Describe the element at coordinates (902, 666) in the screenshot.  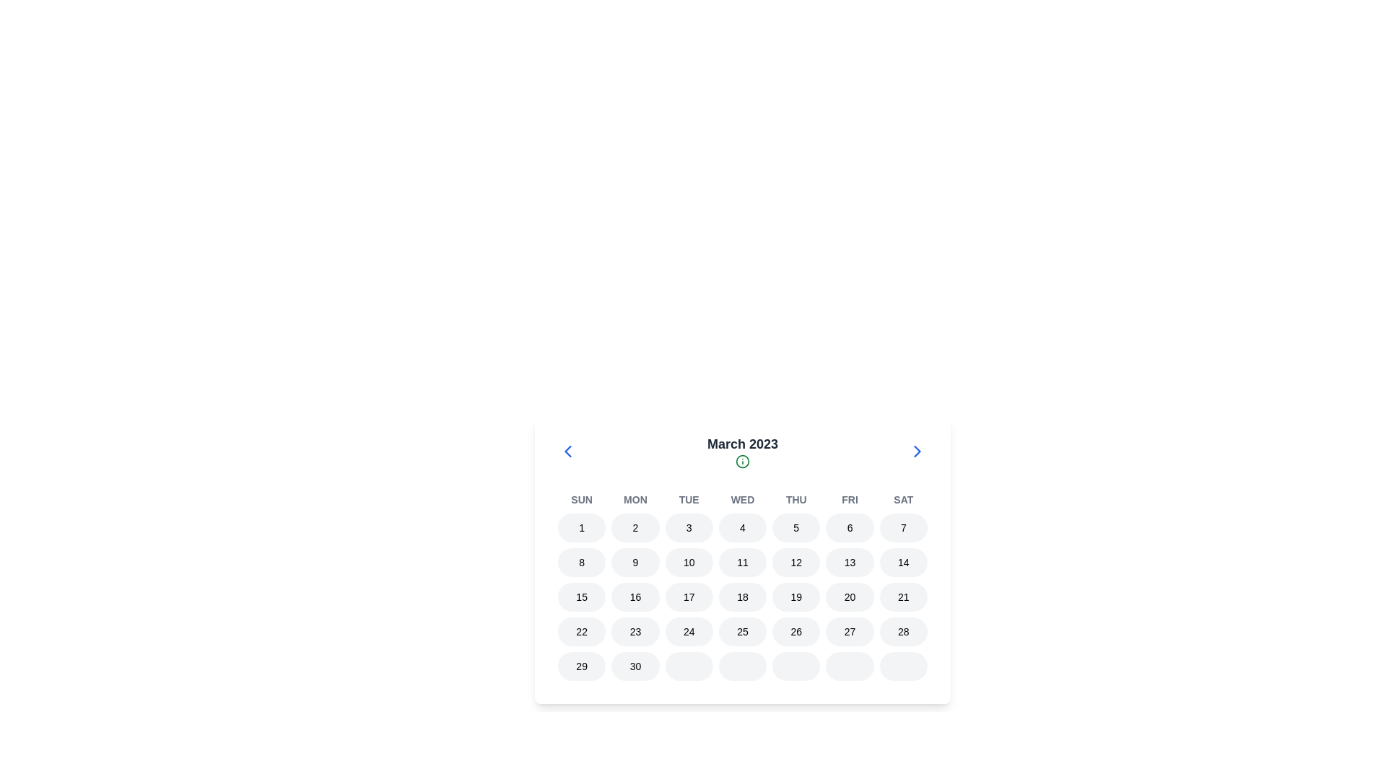
I see `the oval-shaped Placeholder button located in the last column of the calendar grid under 'Saturday'` at that location.